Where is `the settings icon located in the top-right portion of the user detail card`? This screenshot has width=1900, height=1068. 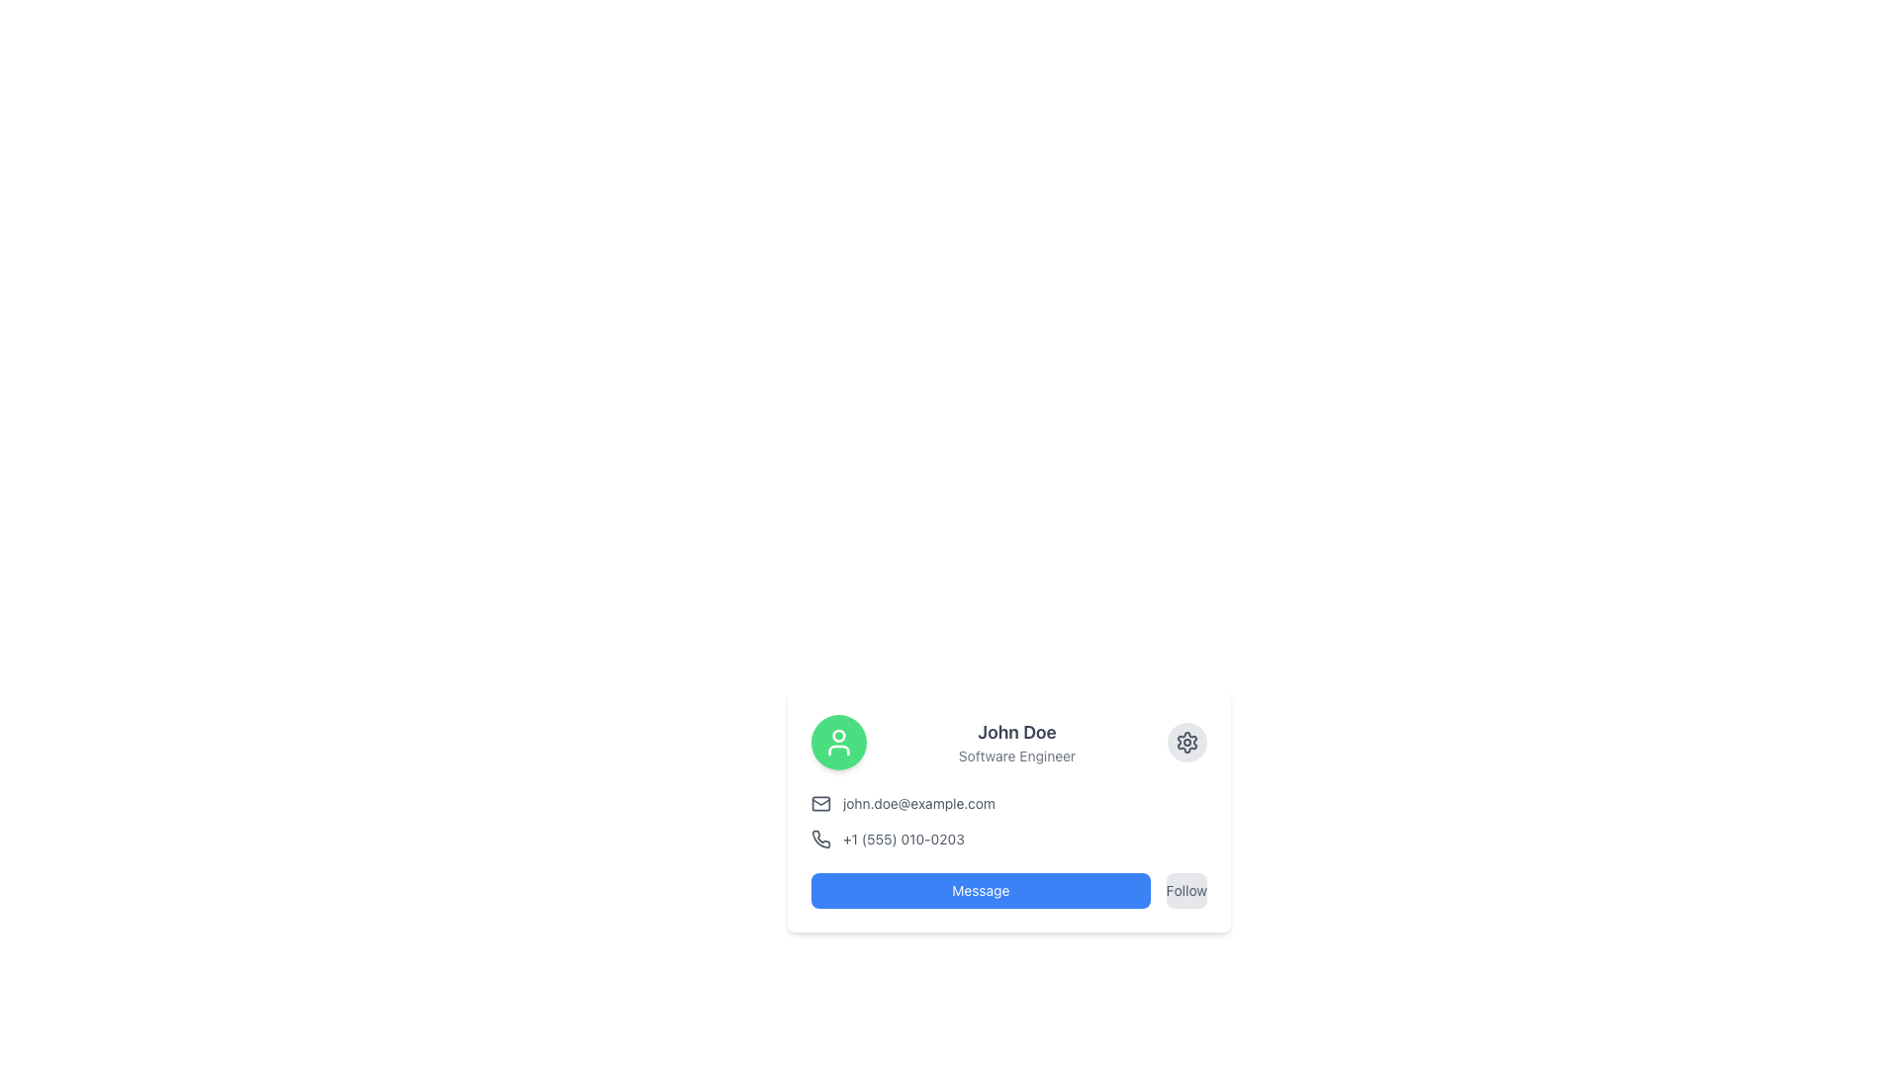 the settings icon located in the top-right portion of the user detail card is located at coordinates (1187, 743).